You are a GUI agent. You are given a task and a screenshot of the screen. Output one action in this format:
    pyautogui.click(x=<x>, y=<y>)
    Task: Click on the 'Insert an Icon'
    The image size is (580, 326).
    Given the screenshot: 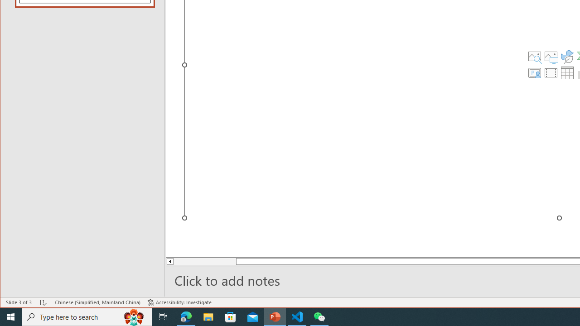 What is the action you would take?
    pyautogui.click(x=567, y=56)
    